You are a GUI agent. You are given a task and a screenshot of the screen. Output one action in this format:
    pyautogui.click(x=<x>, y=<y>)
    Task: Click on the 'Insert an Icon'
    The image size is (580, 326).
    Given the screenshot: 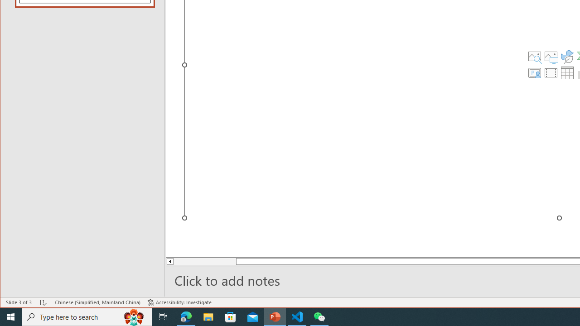 What is the action you would take?
    pyautogui.click(x=567, y=56)
    